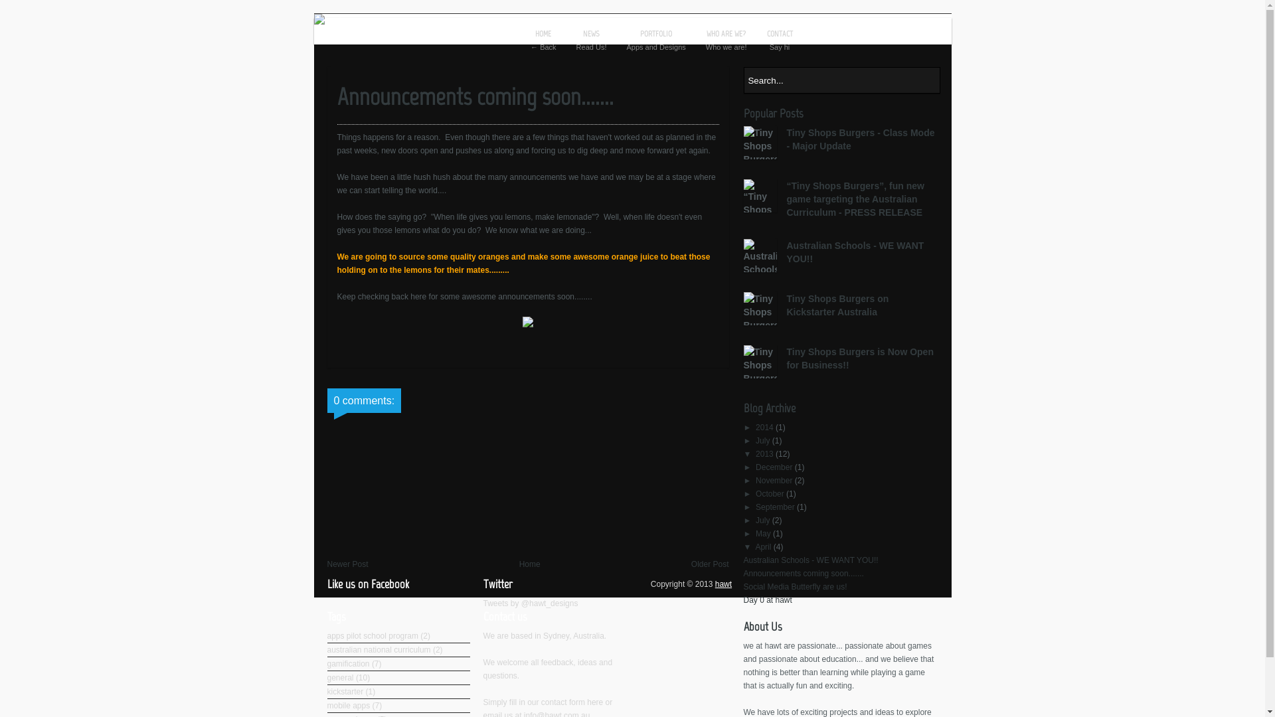  Describe the element at coordinates (764, 532) in the screenshot. I see `'May'` at that location.